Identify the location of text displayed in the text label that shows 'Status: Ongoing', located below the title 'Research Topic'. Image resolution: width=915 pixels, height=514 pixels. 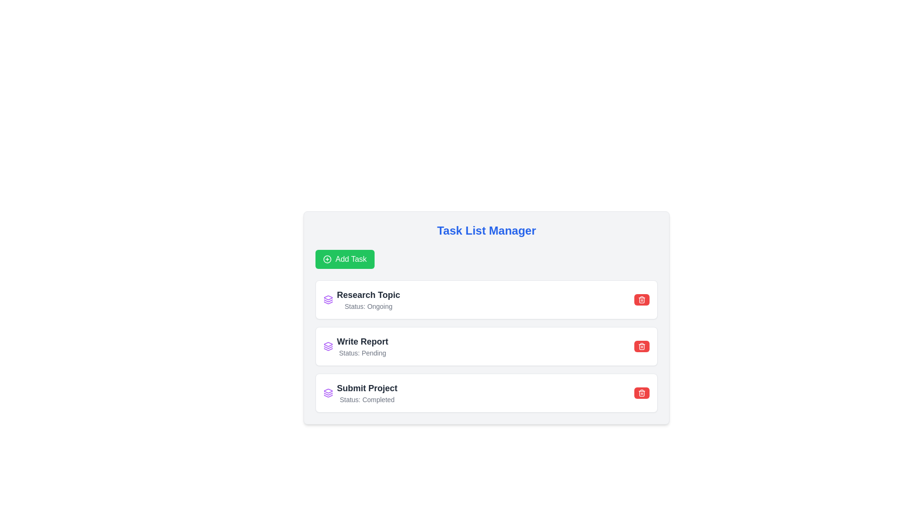
(368, 306).